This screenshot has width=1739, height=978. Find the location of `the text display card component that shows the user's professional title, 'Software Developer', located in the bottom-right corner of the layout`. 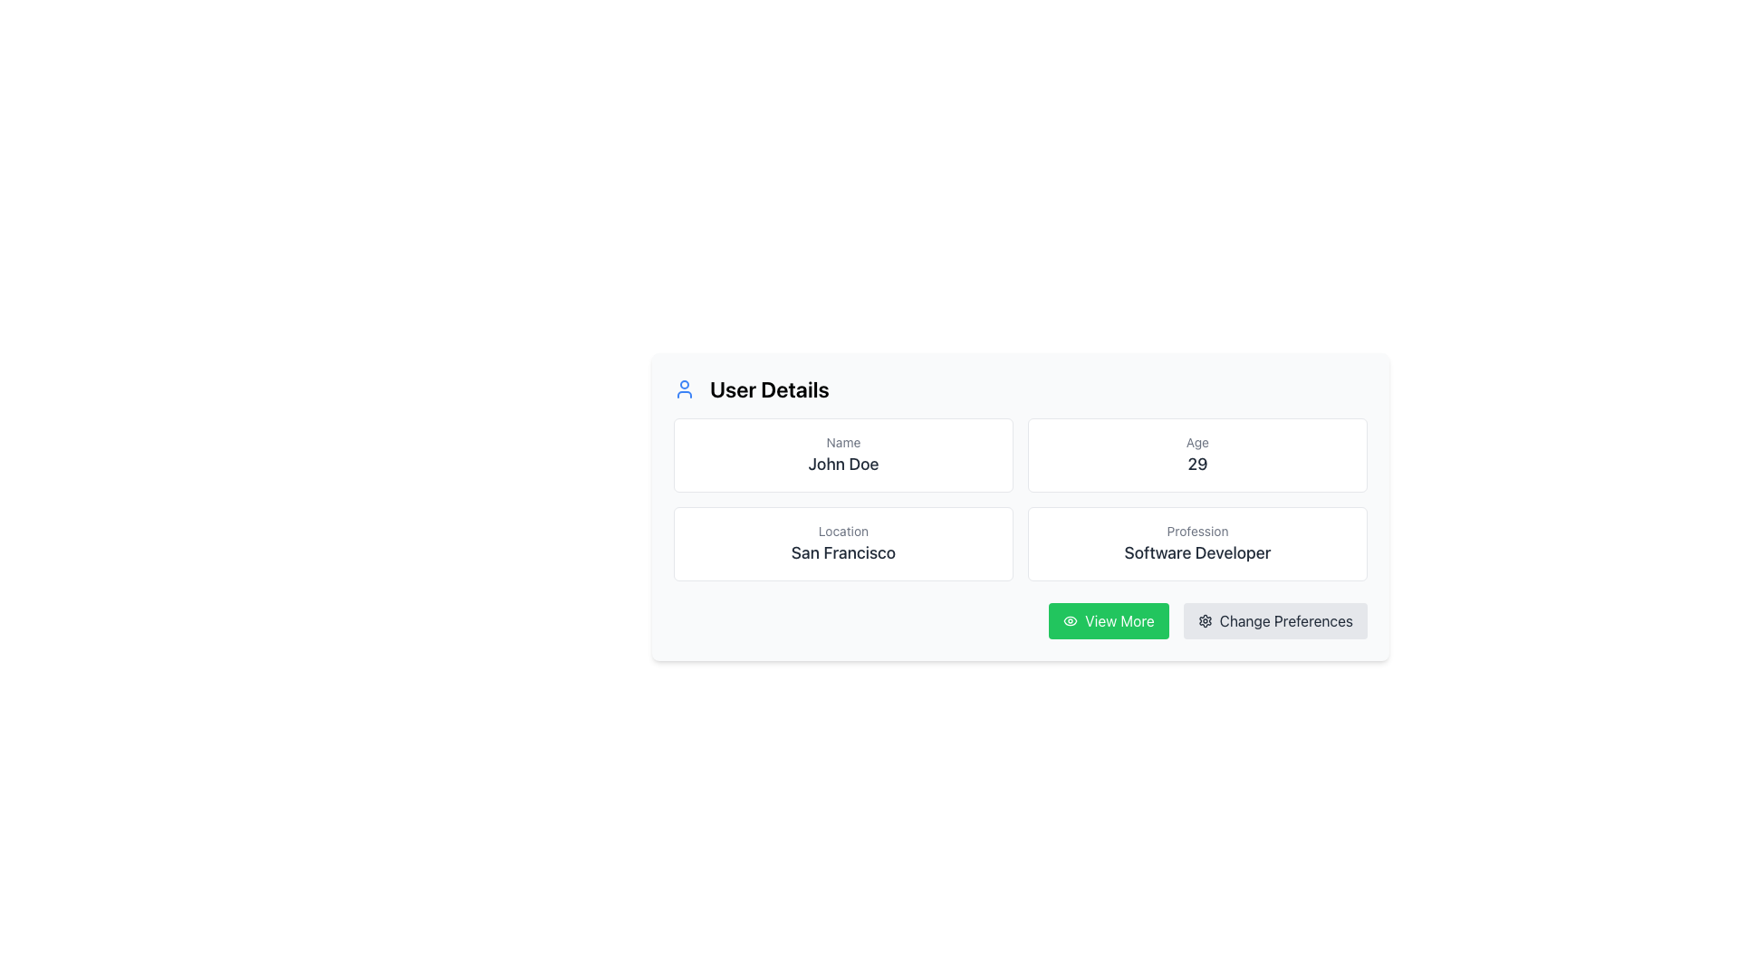

the text display card component that shows the user's professional title, 'Software Developer', located in the bottom-right corner of the layout is located at coordinates (1197, 543).